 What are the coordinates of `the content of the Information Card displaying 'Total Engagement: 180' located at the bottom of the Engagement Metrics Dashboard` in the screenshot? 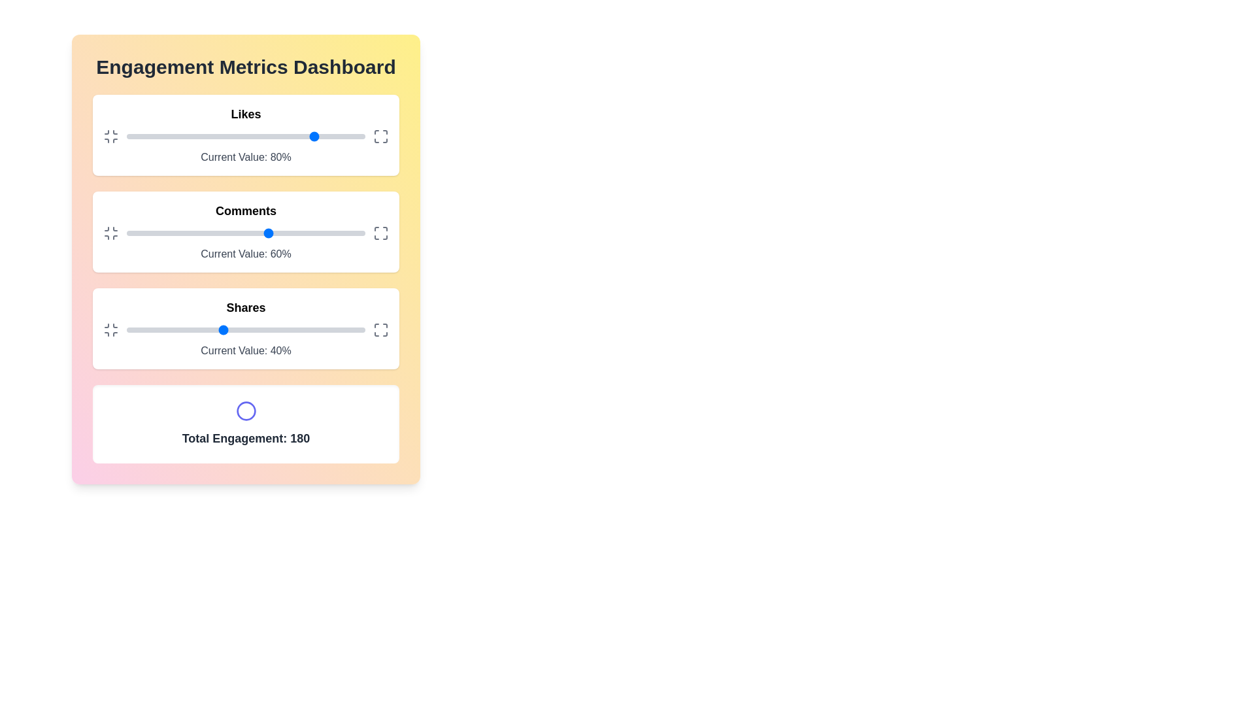 It's located at (246, 424).